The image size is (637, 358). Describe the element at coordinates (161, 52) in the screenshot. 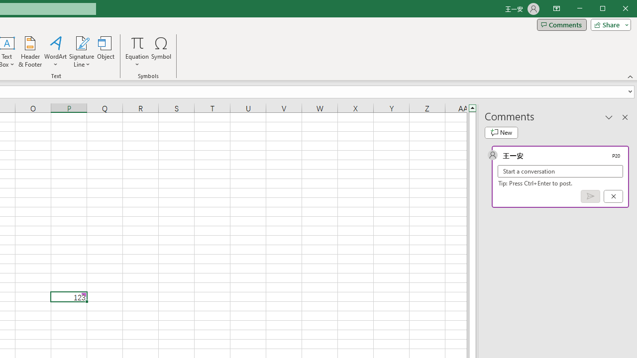

I see `'Symbol...'` at that location.